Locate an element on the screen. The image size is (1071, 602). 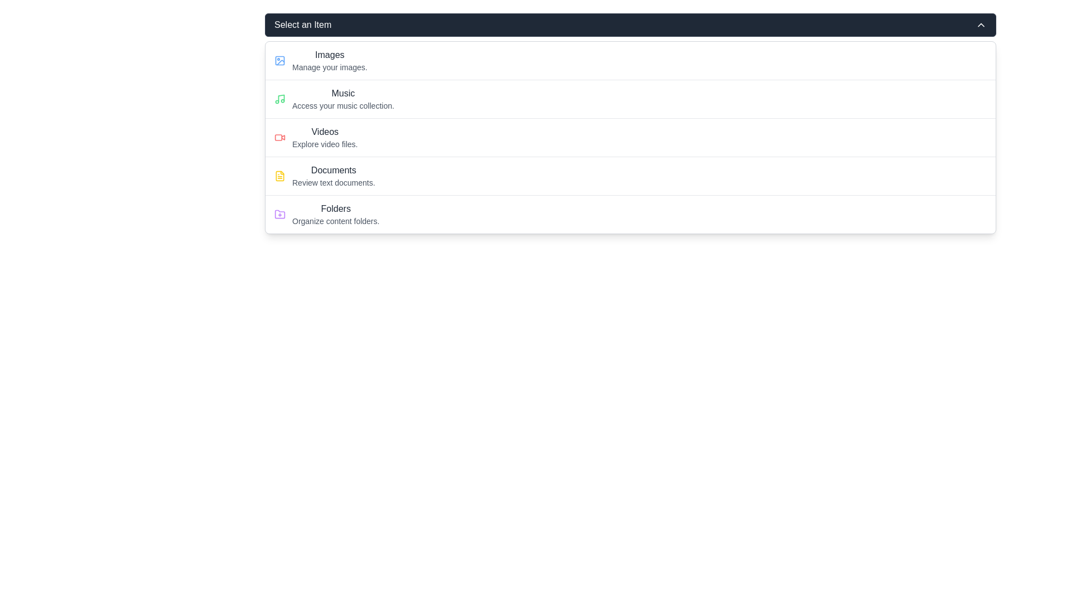
the 'Folders' navigation element is located at coordinates (335, 215).